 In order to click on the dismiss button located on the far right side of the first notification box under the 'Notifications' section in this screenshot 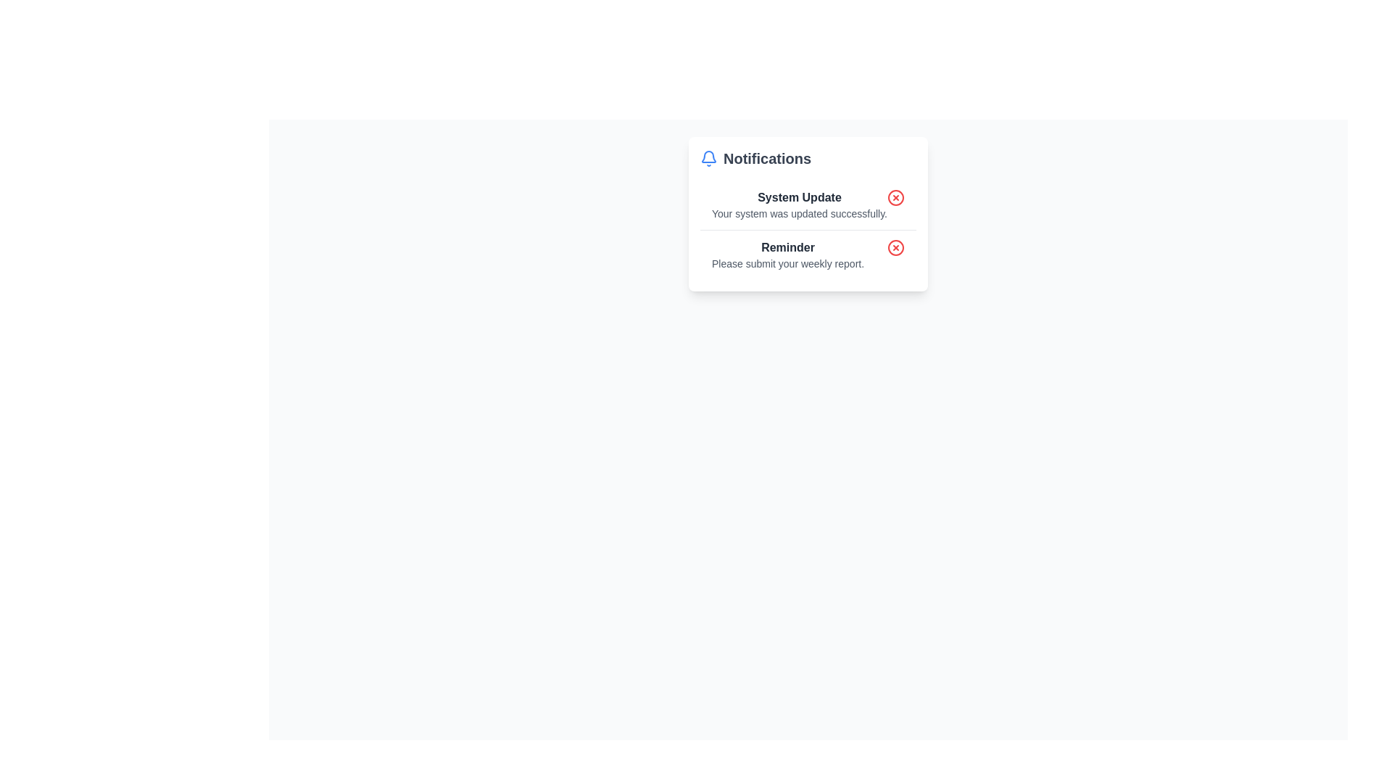, I will do `click(895, 198)`.